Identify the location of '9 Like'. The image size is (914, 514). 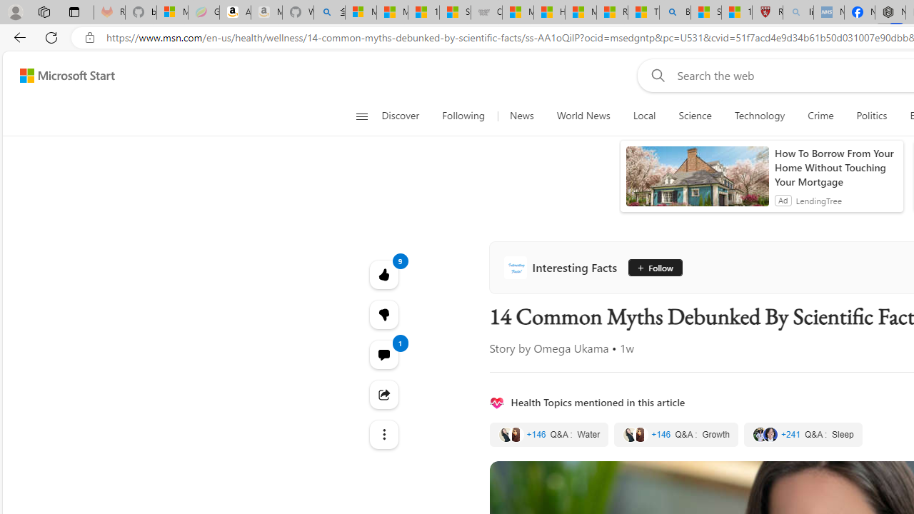
(383, 274).